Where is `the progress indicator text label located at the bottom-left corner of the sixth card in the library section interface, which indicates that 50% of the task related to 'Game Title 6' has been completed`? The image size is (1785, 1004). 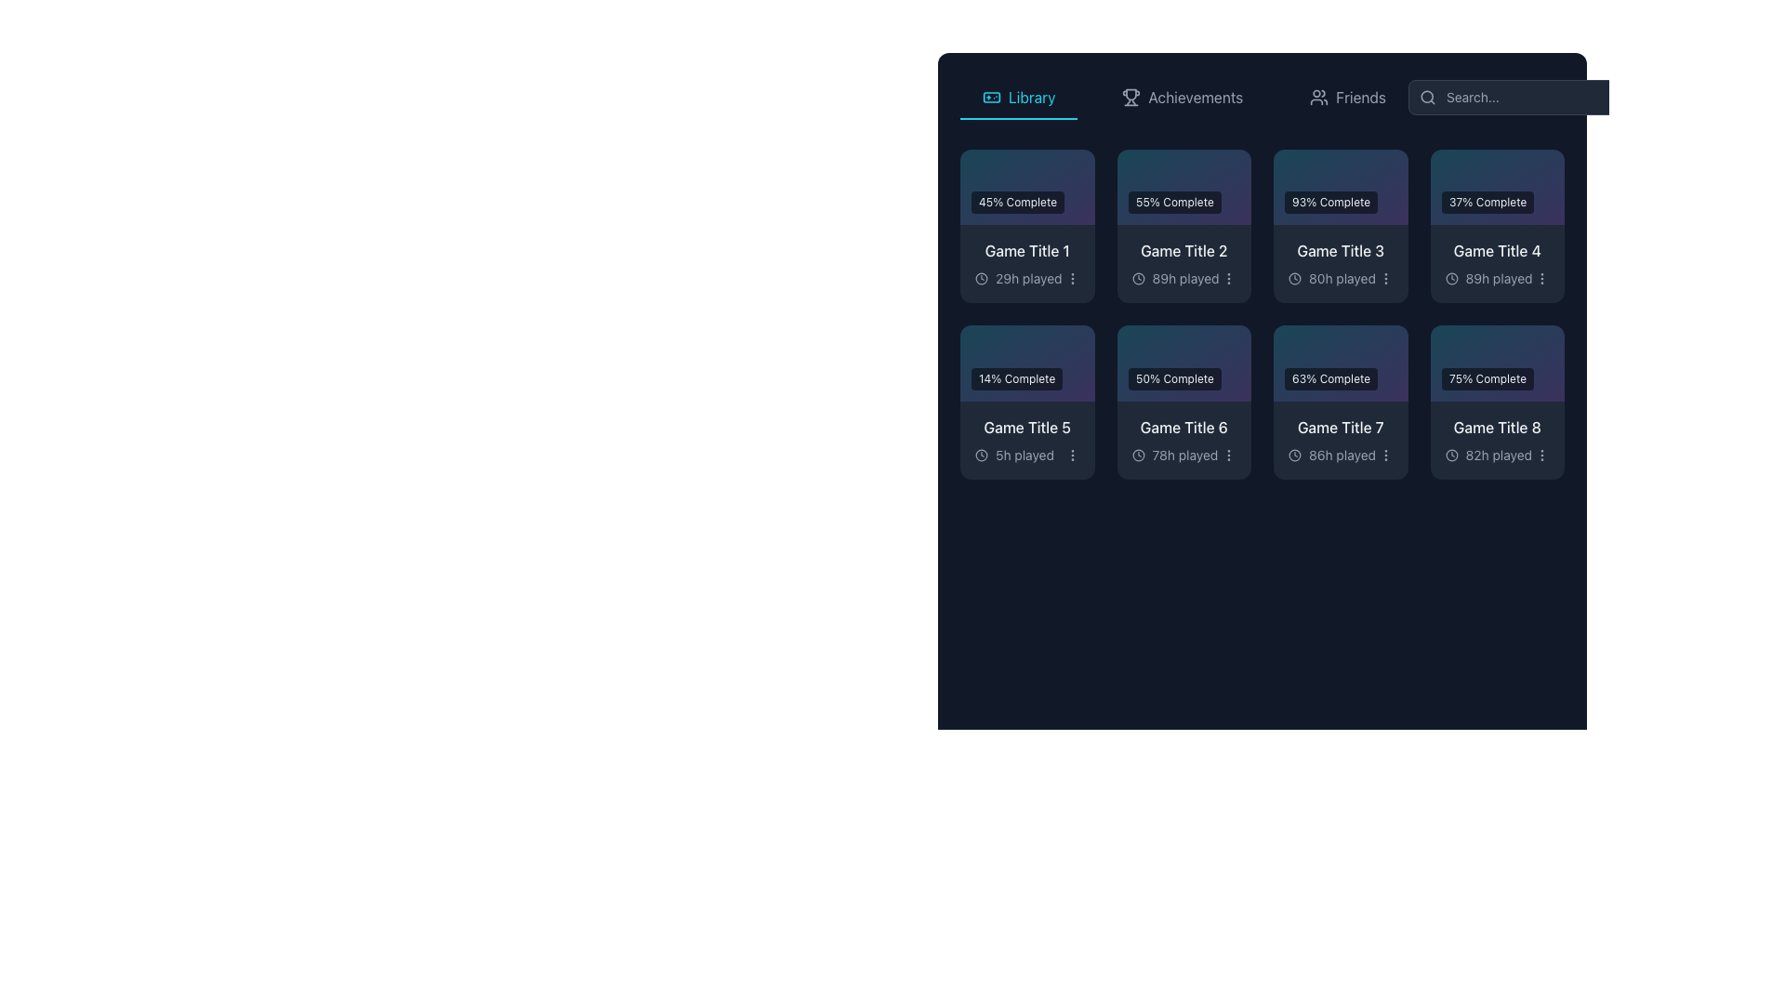 the progress indicator text label located at the bottom-left corner of the sixth card in the library section interface, which indicates that 50% of the task related to 'Game Title 6' has been completed is located at coordinates (1173, 377).